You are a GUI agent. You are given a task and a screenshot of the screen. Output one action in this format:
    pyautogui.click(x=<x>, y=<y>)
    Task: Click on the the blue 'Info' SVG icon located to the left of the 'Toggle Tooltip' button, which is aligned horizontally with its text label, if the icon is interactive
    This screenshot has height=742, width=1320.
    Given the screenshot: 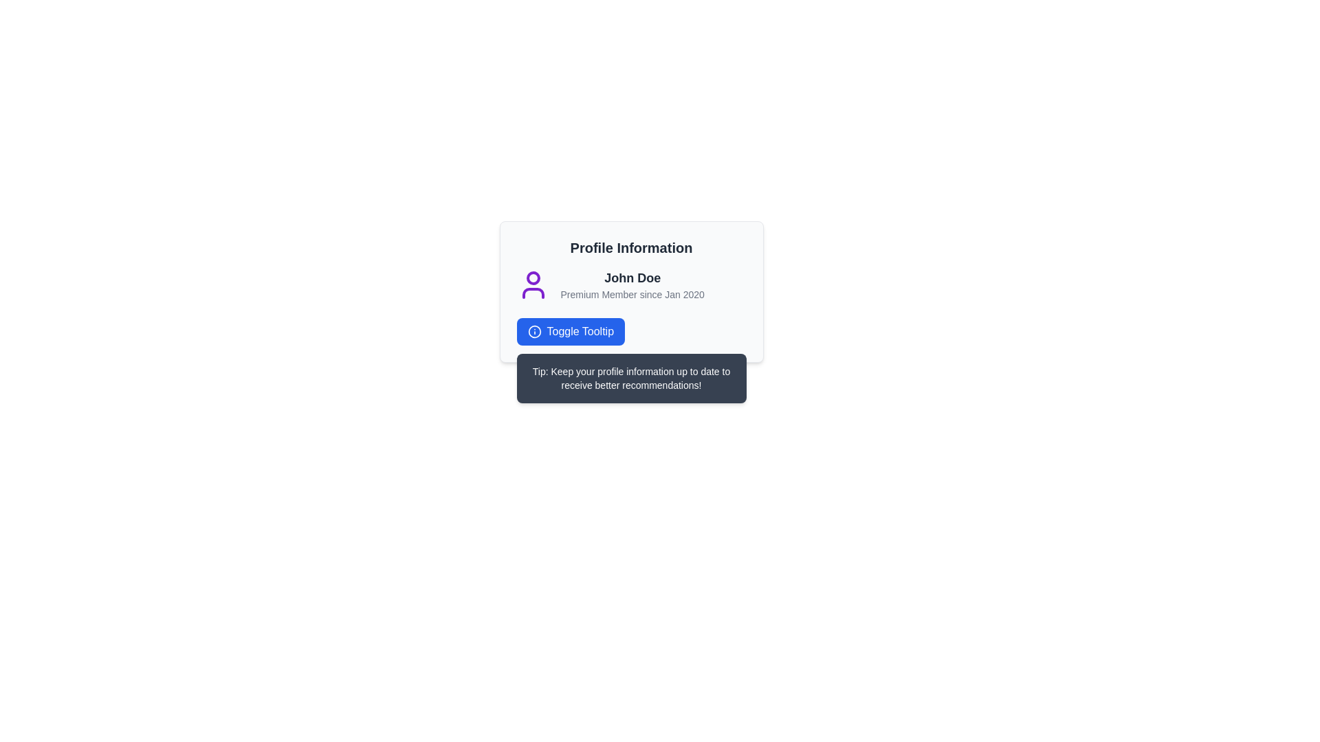 What is the action you would take?
    pyautogui.click(x=533, y=331)
    